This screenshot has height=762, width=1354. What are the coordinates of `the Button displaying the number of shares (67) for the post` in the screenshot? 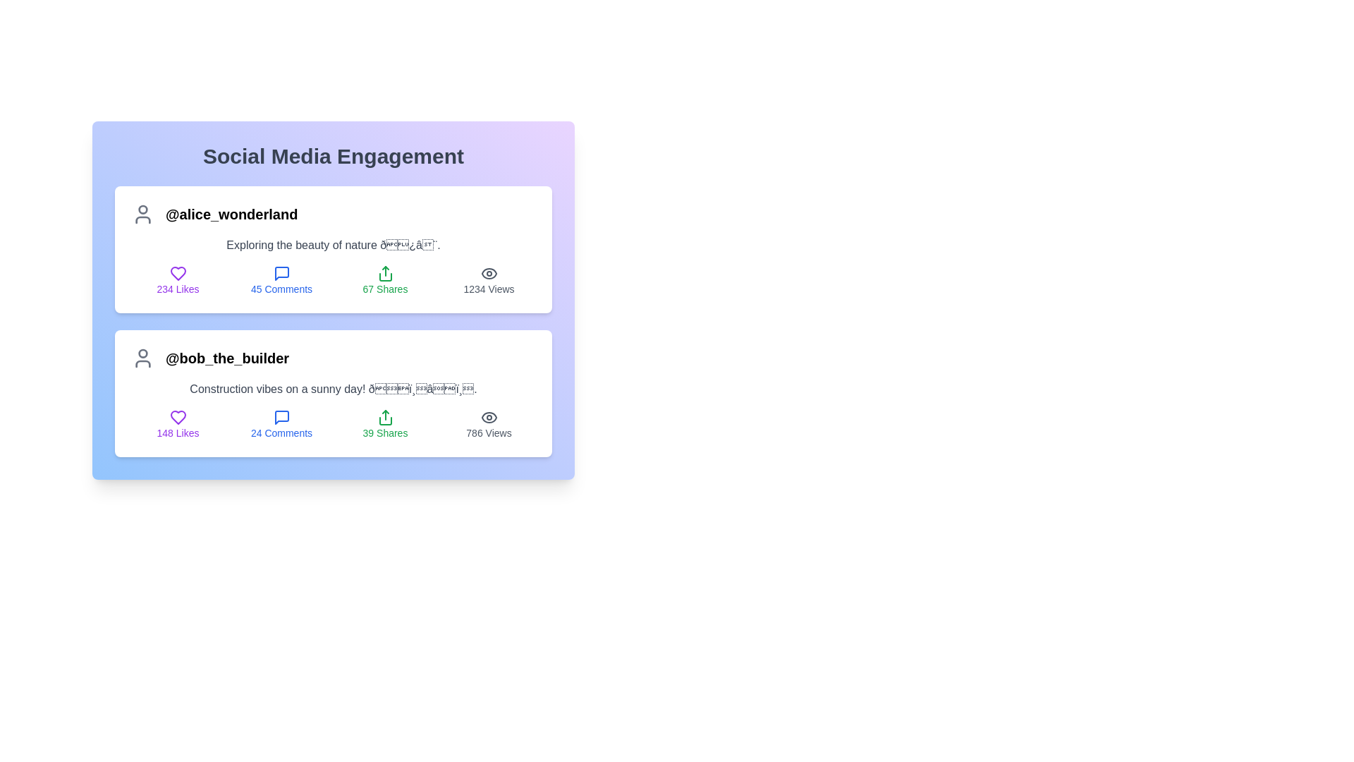 It's located at (333, 280).